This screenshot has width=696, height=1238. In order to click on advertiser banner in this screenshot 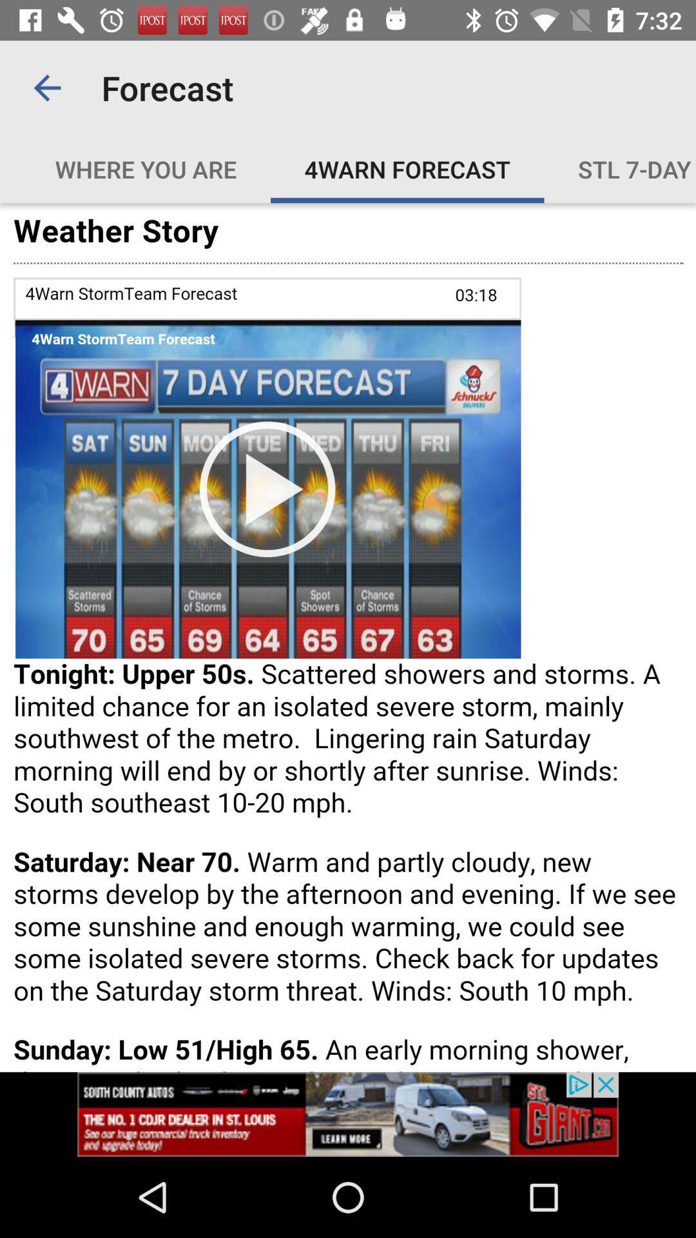, I will do `click(348, 1114)`.